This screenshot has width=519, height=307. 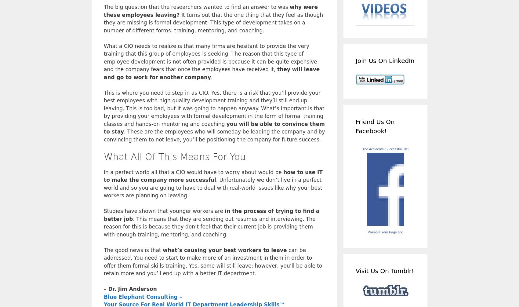 What do you see at coordinates (164, 211) in the screenshot?
I see `'Studies have shown that younger workers are'` at bounding box center [164, 211].